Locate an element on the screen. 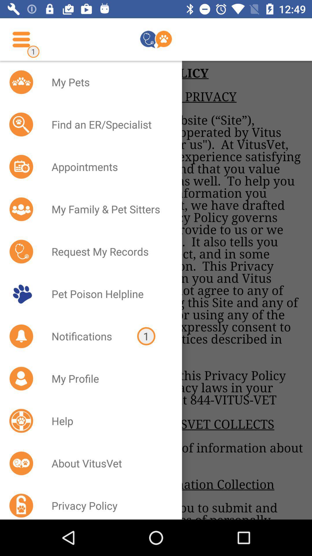  the my profile icon is located at coordinates (109, 378).